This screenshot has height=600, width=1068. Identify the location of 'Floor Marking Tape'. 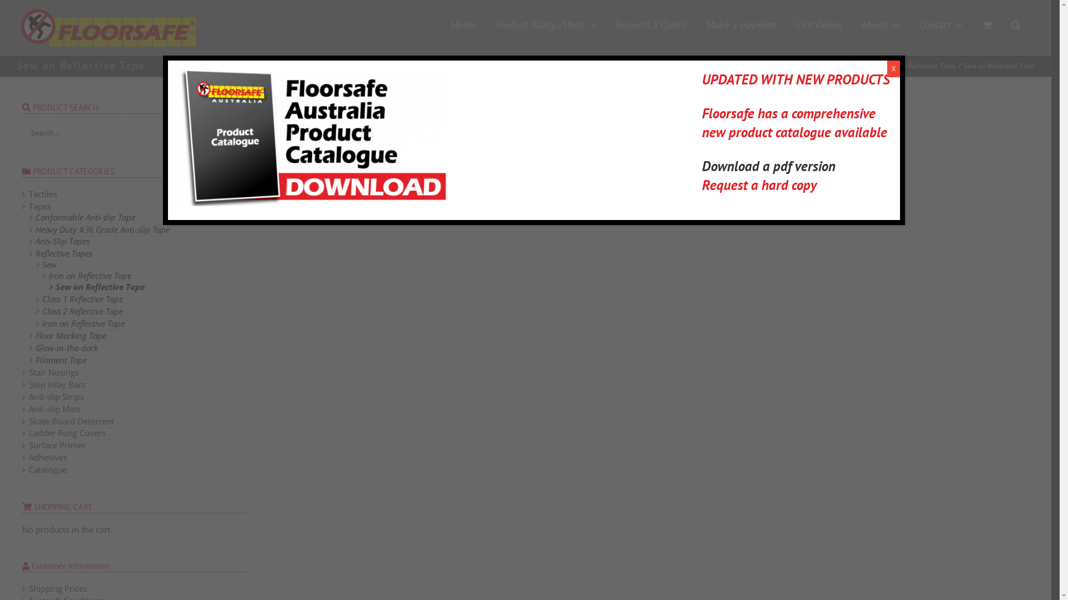
(35, 335).